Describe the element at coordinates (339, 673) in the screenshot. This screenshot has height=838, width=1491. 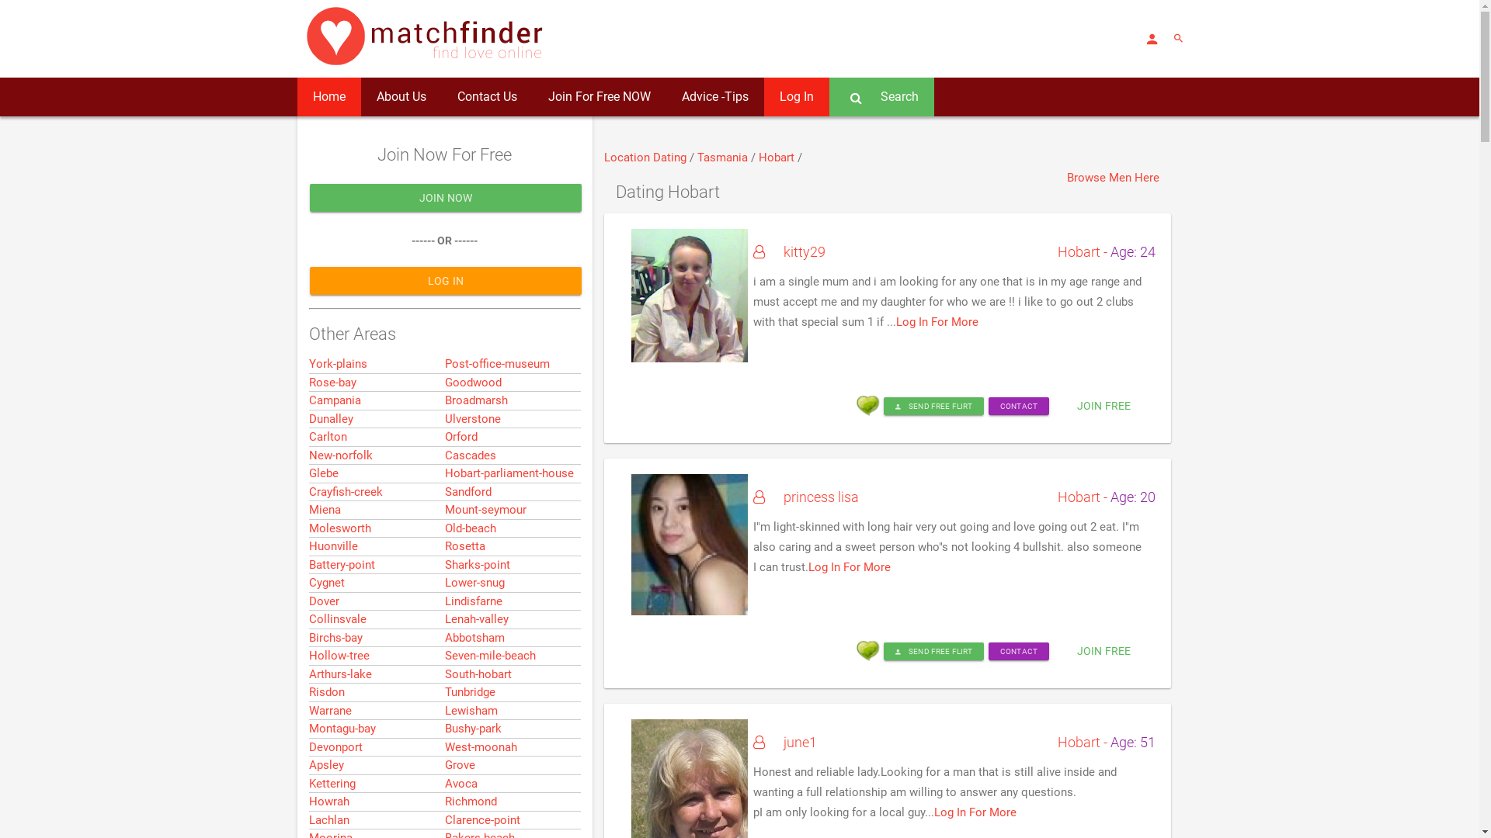
I see `'Arthurs-lake'` at that location.